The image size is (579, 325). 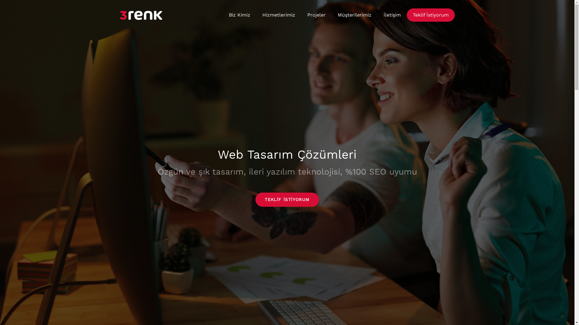 What do you see at coordinates (316, 15) in the screenshot?
I see `'Projeler'` at bounding box center [316, 15].